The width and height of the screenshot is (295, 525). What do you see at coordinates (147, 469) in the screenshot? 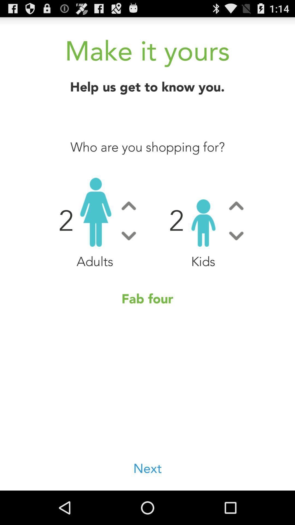
I see `next` at bounding box center [147, 469].